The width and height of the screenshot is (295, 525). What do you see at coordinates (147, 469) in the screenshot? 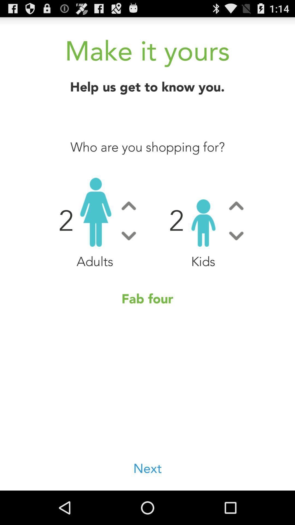
I see `next` at bounding box center [147, 469].